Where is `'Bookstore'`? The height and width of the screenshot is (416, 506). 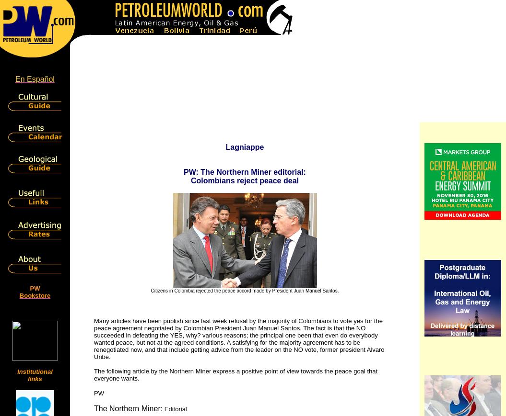 'Bookstore' is located at coordinates (34, 295).